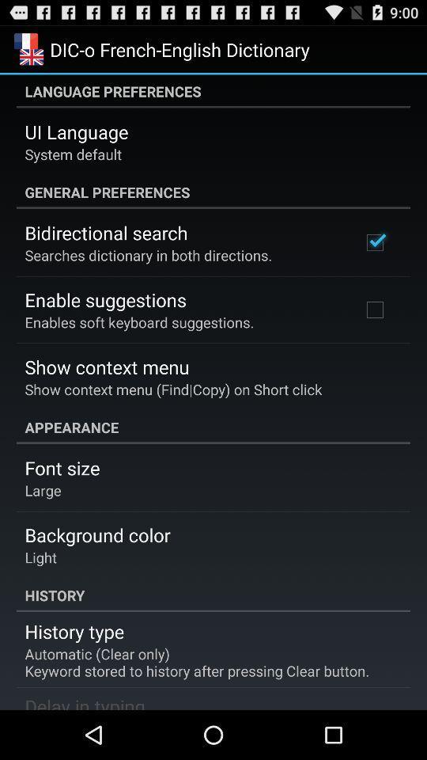 The height and width of the screenshot is (760, 427). Describe the element at coordinates (197, 662) in the screenshot. I see `app below history type icon` at that location.